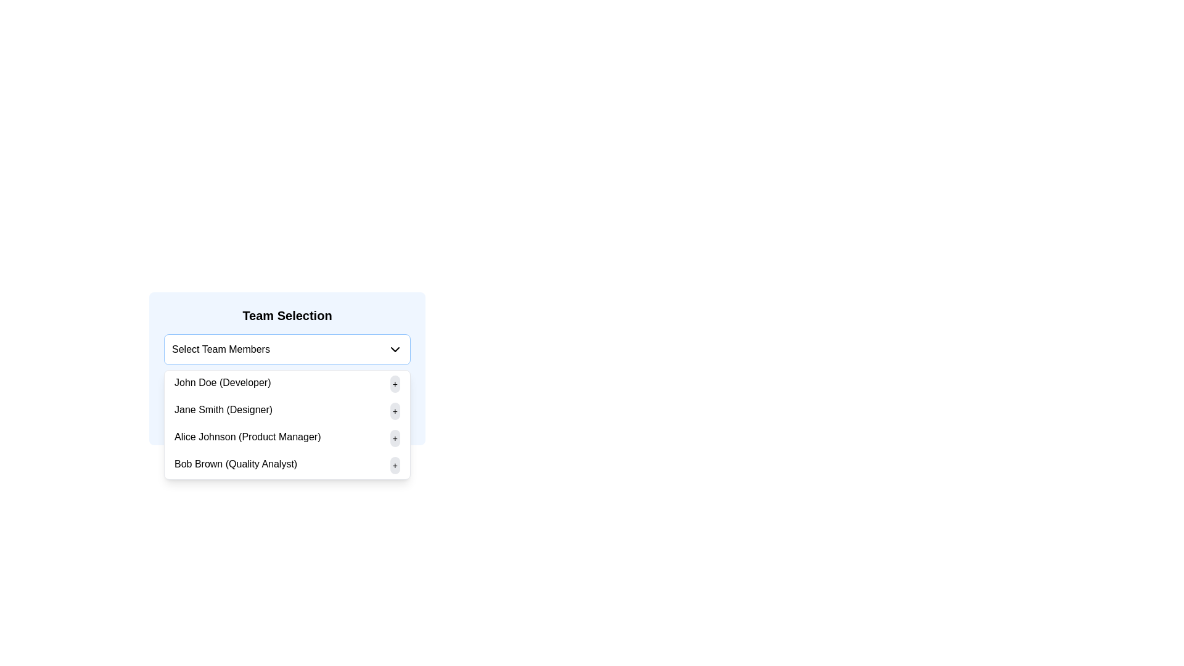 The width and height of the screenshot is (1184, 666). I want to click on the action button located at the far-right end of the list item labeled 'Alice Johnson (Product Manager)', so click(395, 437).